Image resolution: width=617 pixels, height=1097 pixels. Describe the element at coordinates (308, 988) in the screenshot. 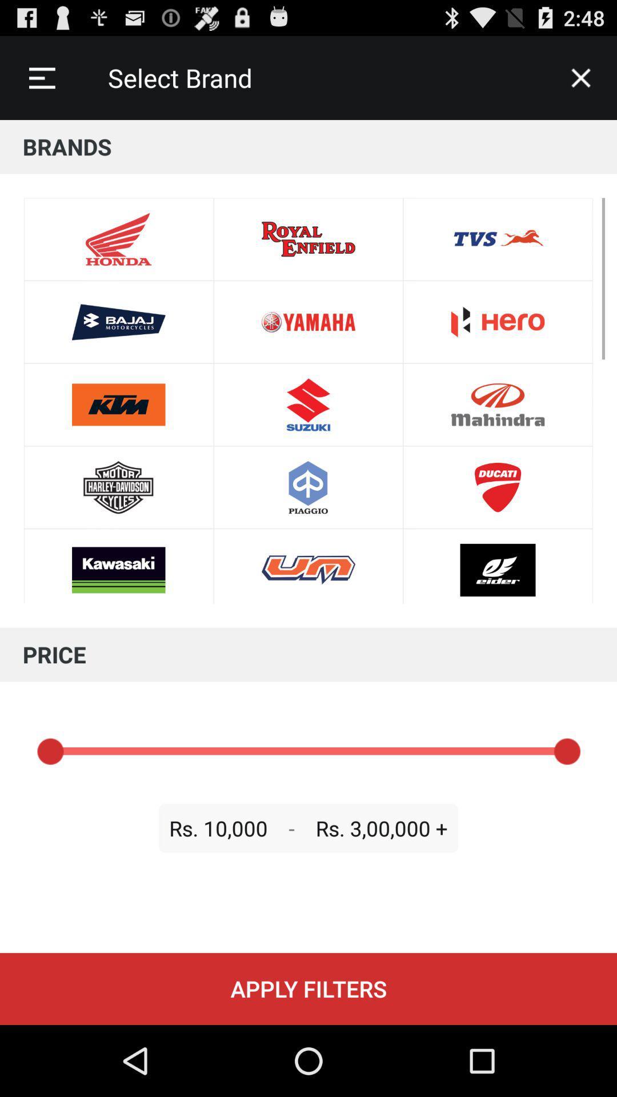

I see `the icon below rs. 10,000 item` at that location.